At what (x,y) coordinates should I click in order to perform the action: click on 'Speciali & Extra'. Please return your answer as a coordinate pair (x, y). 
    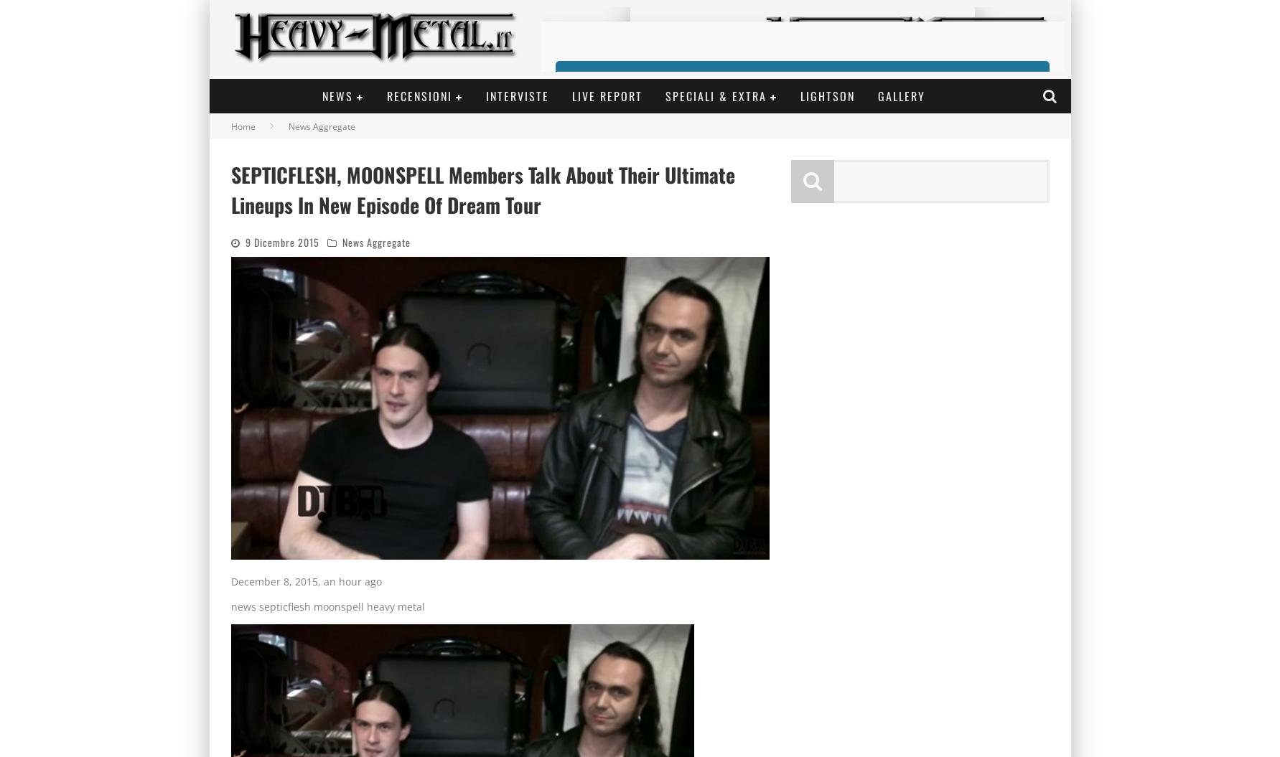
    Looking at the image, I should click on (716, 95).